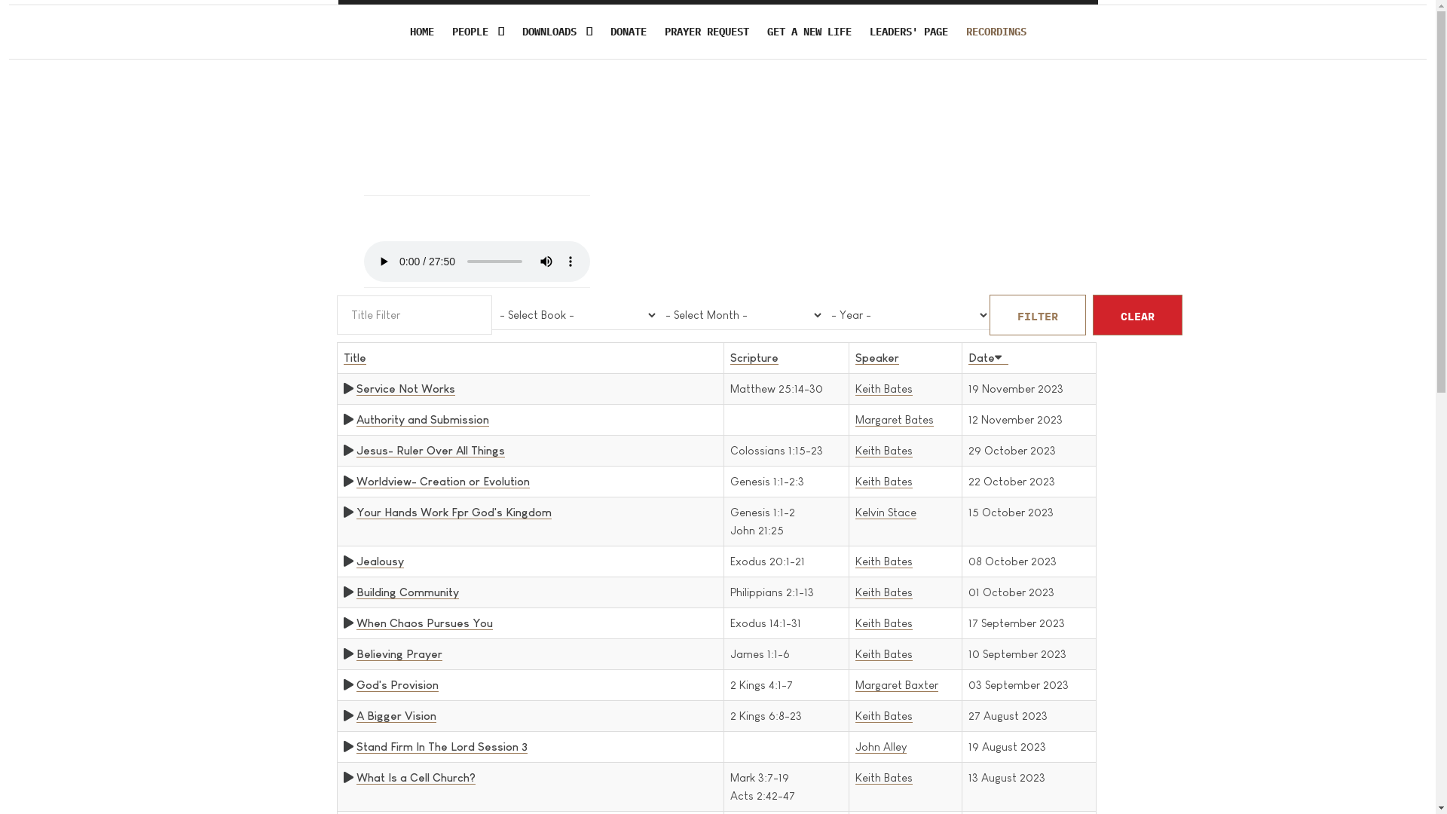 The height and width of the screenshot is (814, 1447). What do you see at coordinates (988, 314) in the screenshot?
I see `'FILTER'` at bounding box center [988, 314].